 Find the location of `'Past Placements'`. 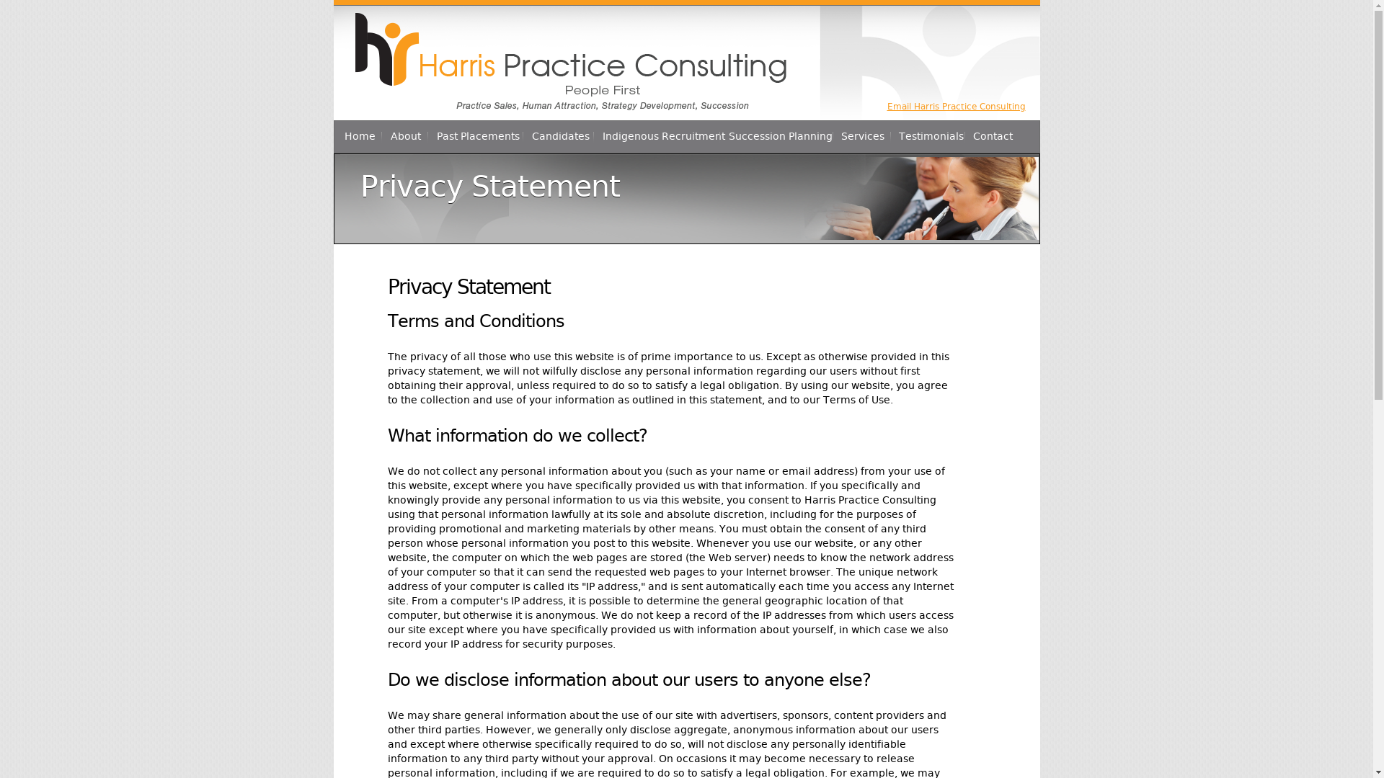

'Past Placements' is located at coordinates (477, 136).